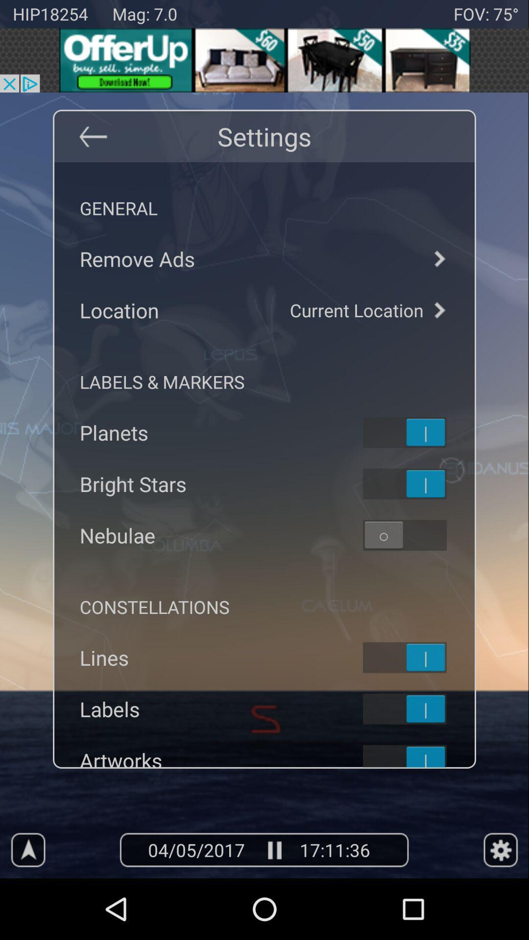 This screenshot has width=529, height=940. Describe the element at coordinates (438, 258) in the screenshot. I see `foreword option` at that location.